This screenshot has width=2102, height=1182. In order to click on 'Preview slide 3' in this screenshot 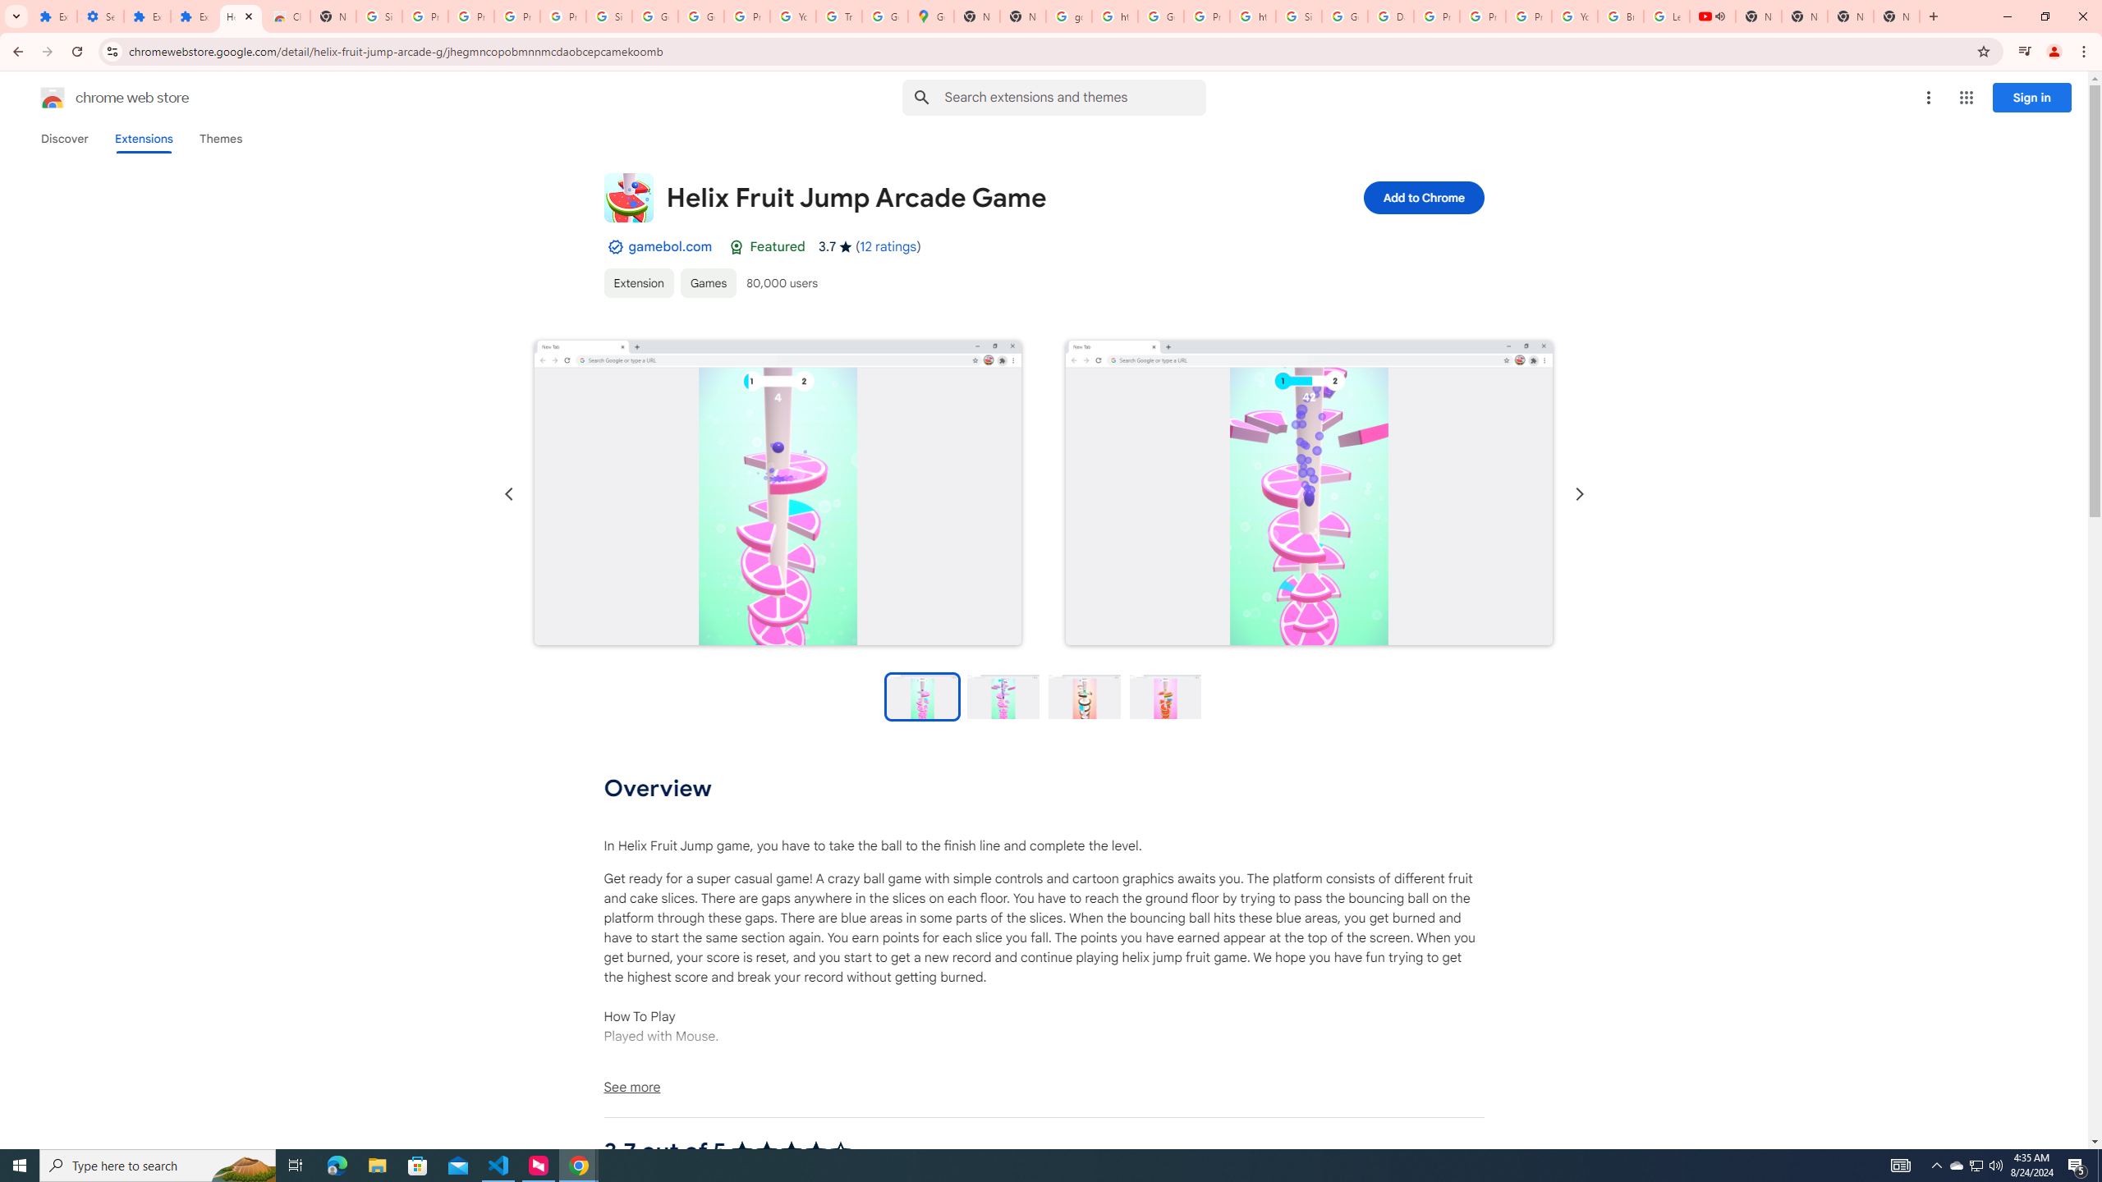, I will do `click(1084, 695)`.